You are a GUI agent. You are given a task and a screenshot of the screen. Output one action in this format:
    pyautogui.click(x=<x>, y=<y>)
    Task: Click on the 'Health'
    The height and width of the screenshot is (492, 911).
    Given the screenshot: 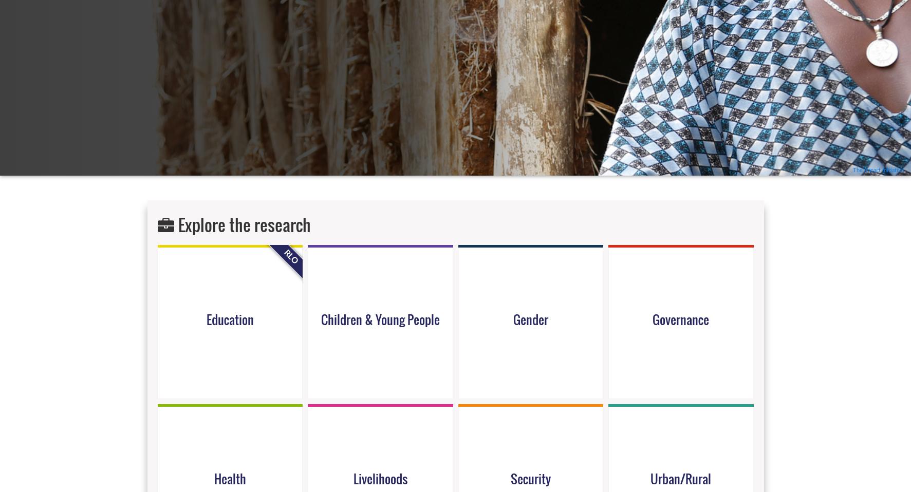 What is the action you would take?
    pyautogui.click(x=229, y=478)
    